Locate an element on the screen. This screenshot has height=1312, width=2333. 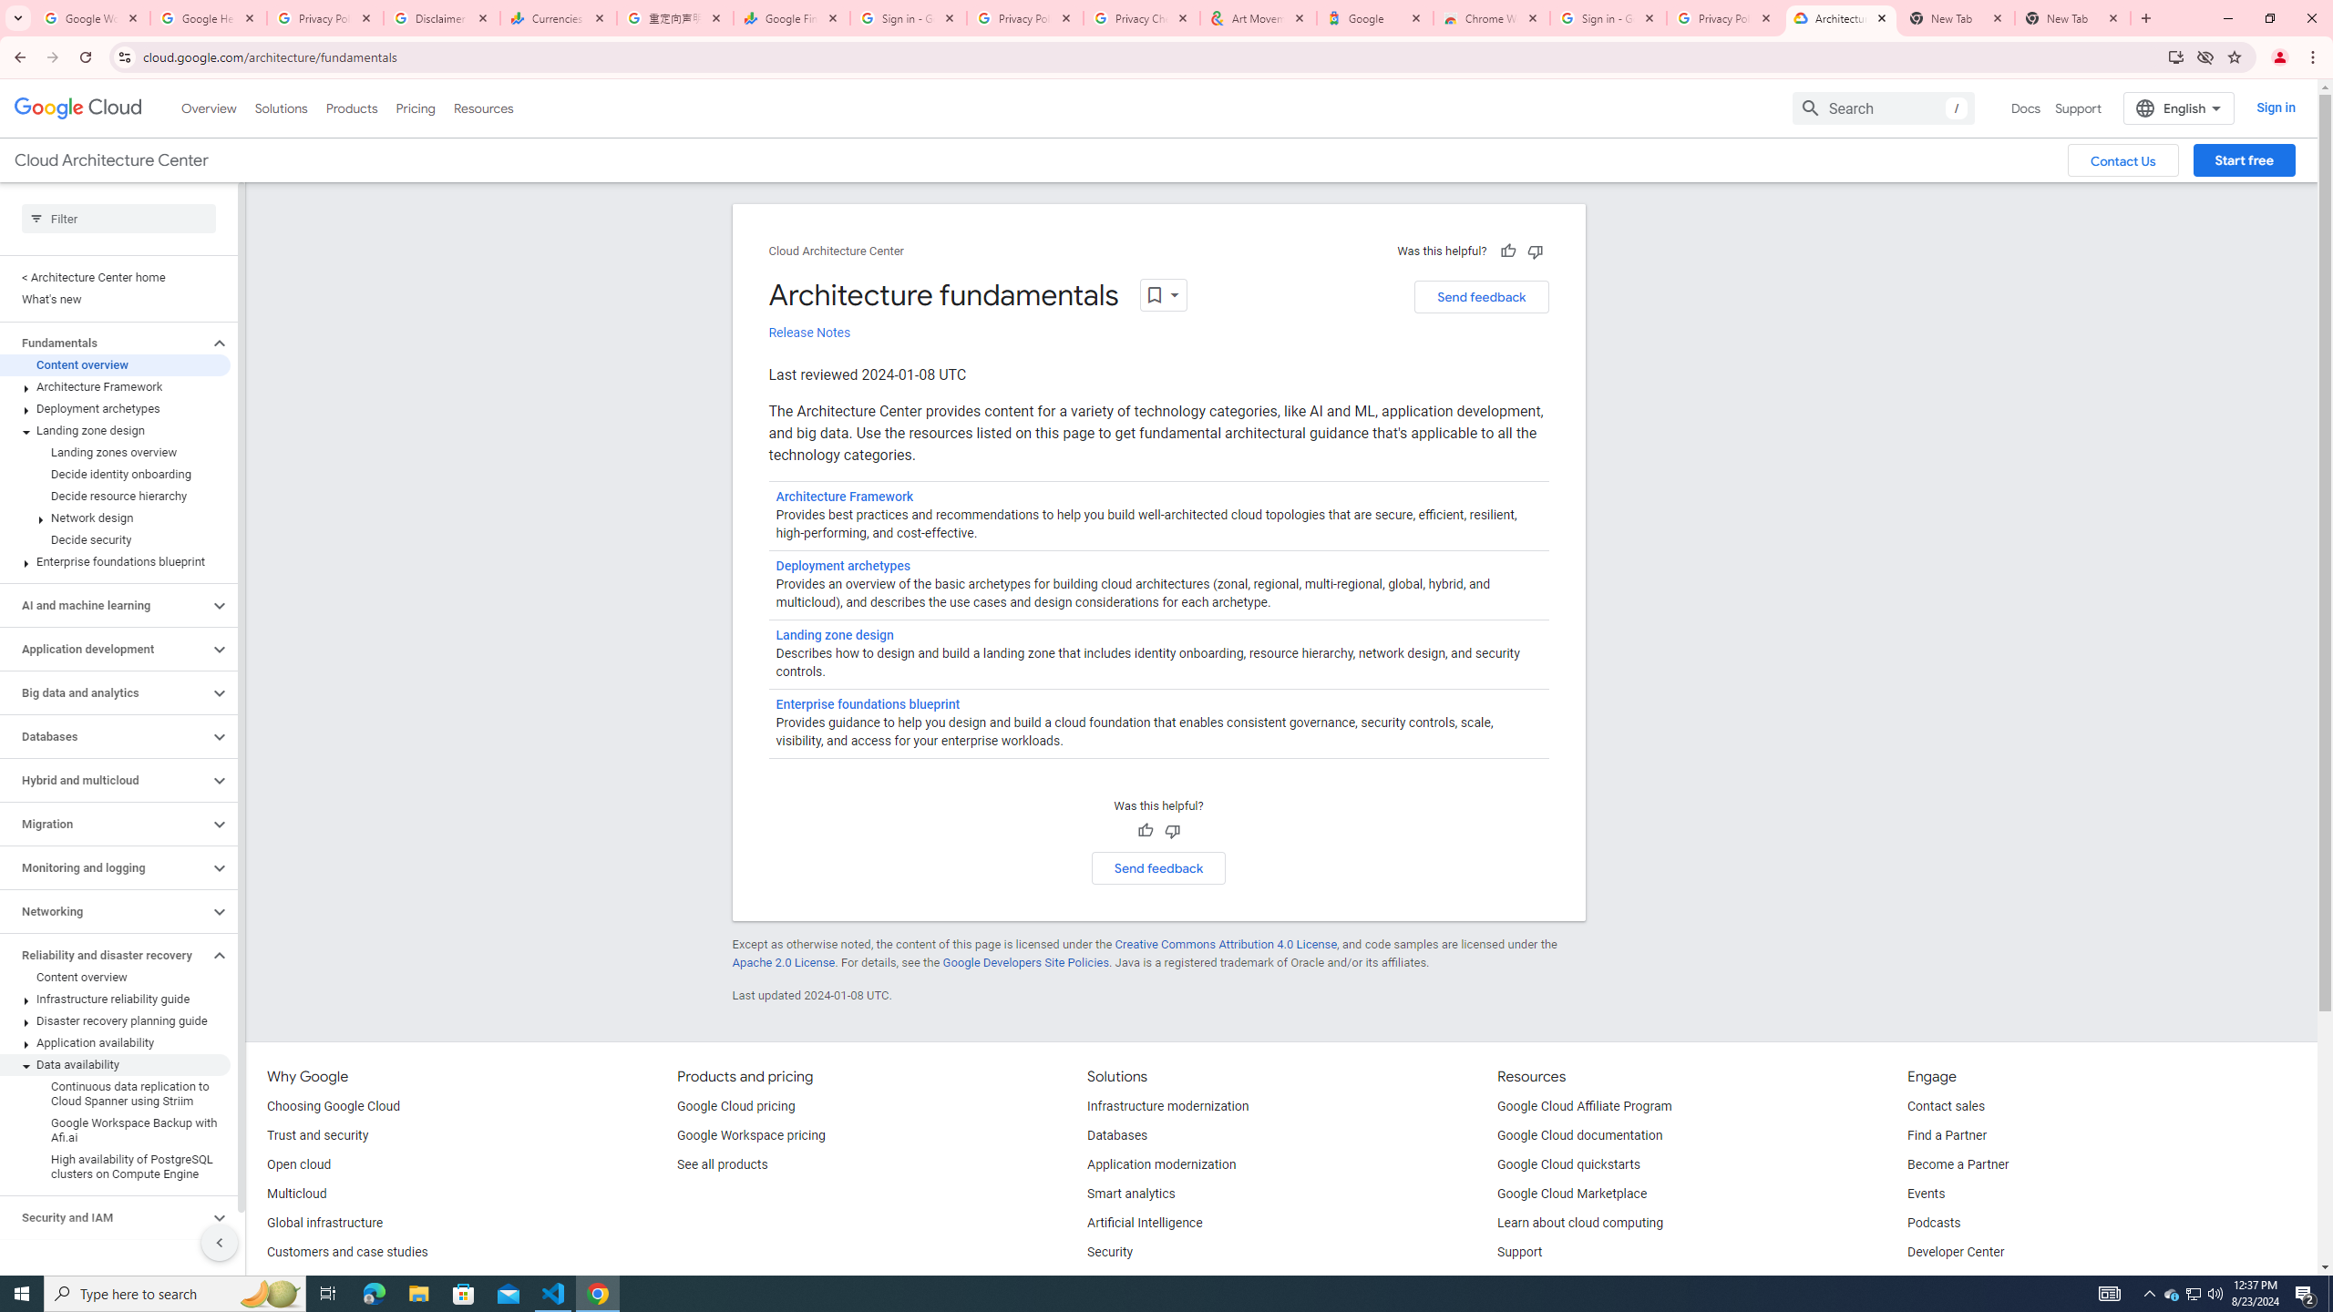
'Google Cloud' is located at coordinates (77, 108).